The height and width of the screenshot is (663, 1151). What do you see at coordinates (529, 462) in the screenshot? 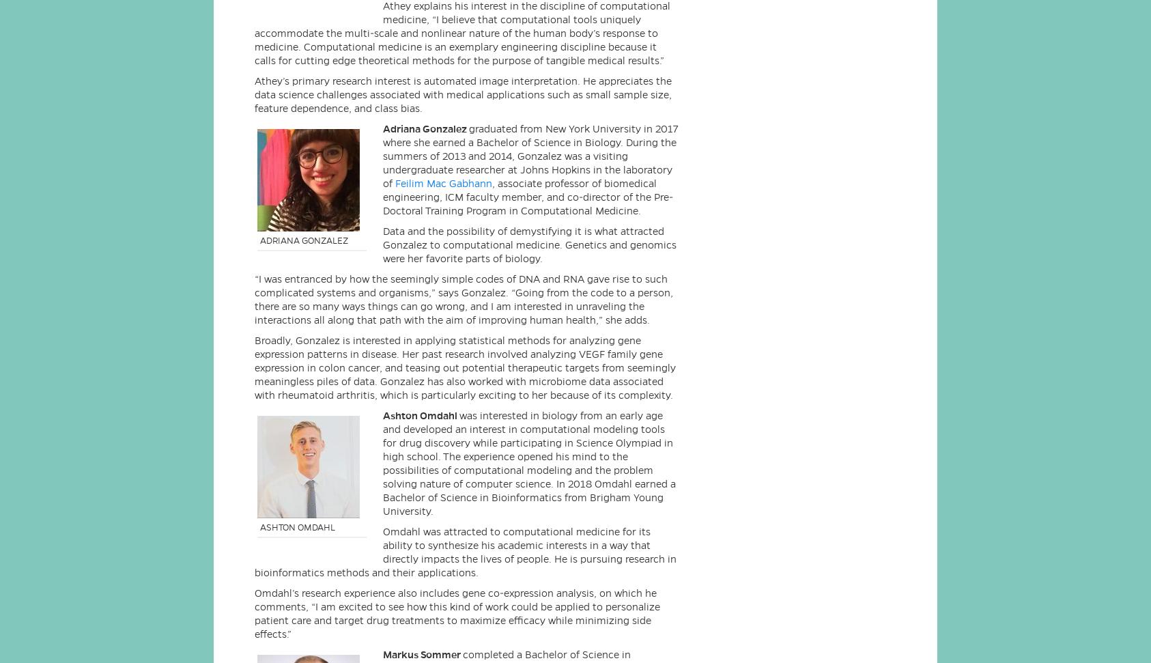
I see `'was interested in biology from an early age and developed an interest in computational modeling tools for drug discovery while participating in Science Olympiad in high school. The experience opened his mind to the possibilities of computational modeling and the problem solving nature of computer science. In 2018 Omdahl earned a Bachelor of Science in Bioinformatics from Brigham Young University.'` at bounding box center [529, 462].